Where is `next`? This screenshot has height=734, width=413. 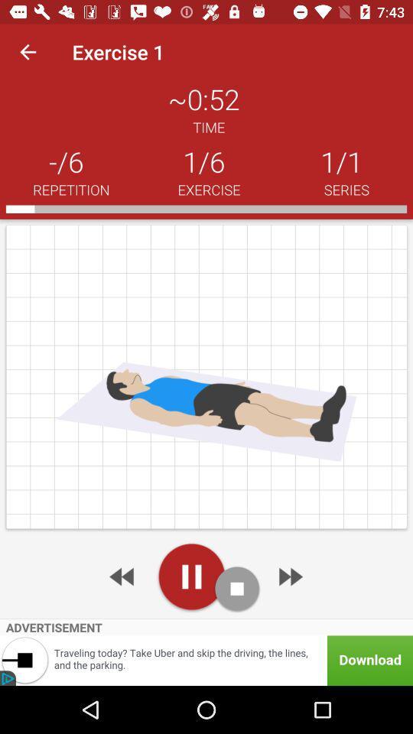 next is located at coordinates (289, 576).